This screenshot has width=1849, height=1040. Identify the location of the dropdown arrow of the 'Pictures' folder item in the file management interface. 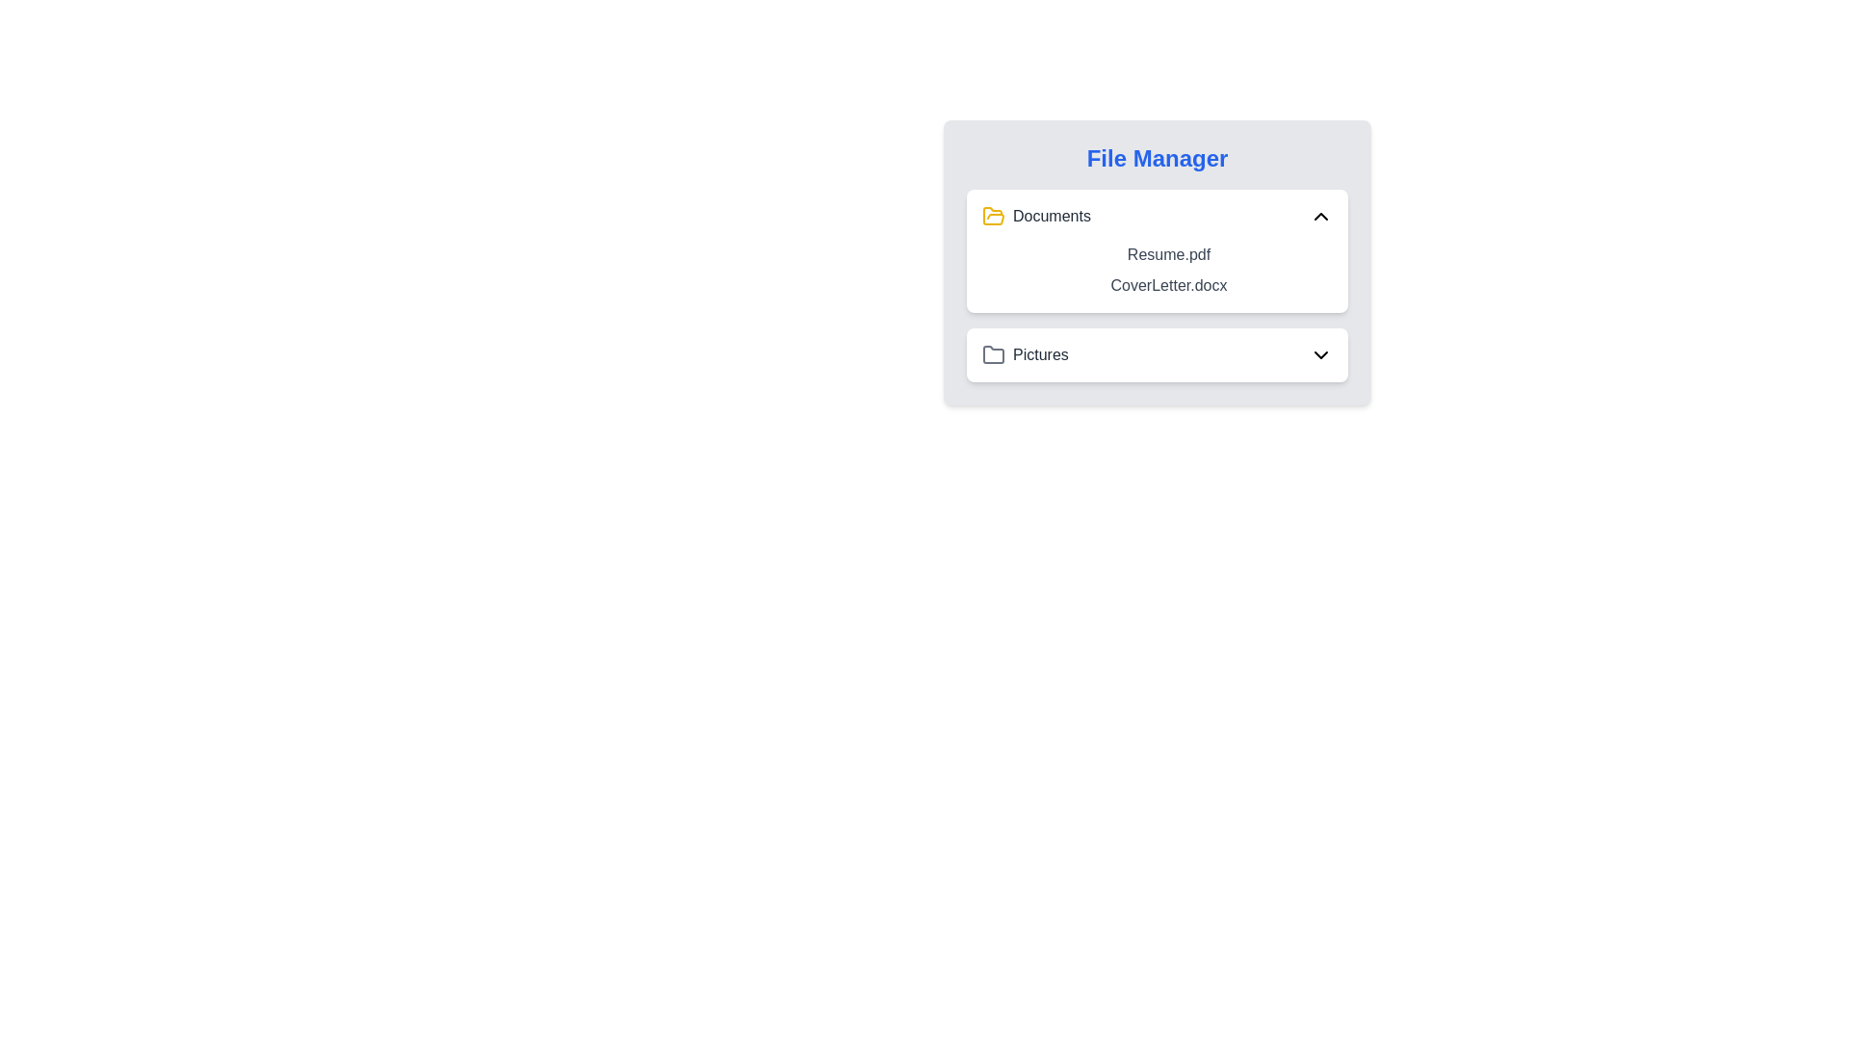
(1156, 355).